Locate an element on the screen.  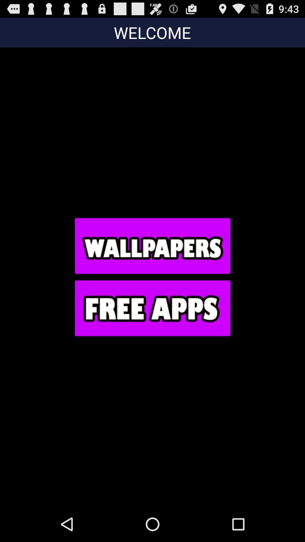
free apps is located at coordinates (152, 308).